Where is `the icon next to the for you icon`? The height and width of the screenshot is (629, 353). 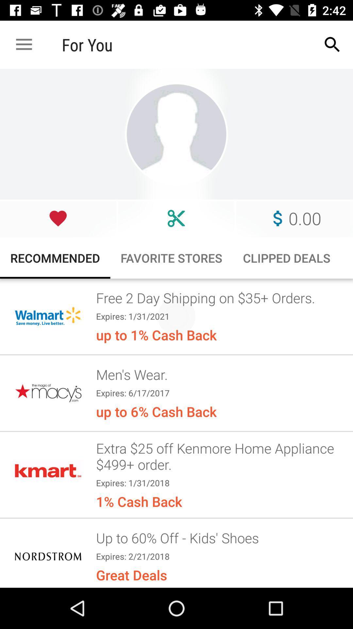
the icon next to the for you icon is located at coordinates (24, 44).